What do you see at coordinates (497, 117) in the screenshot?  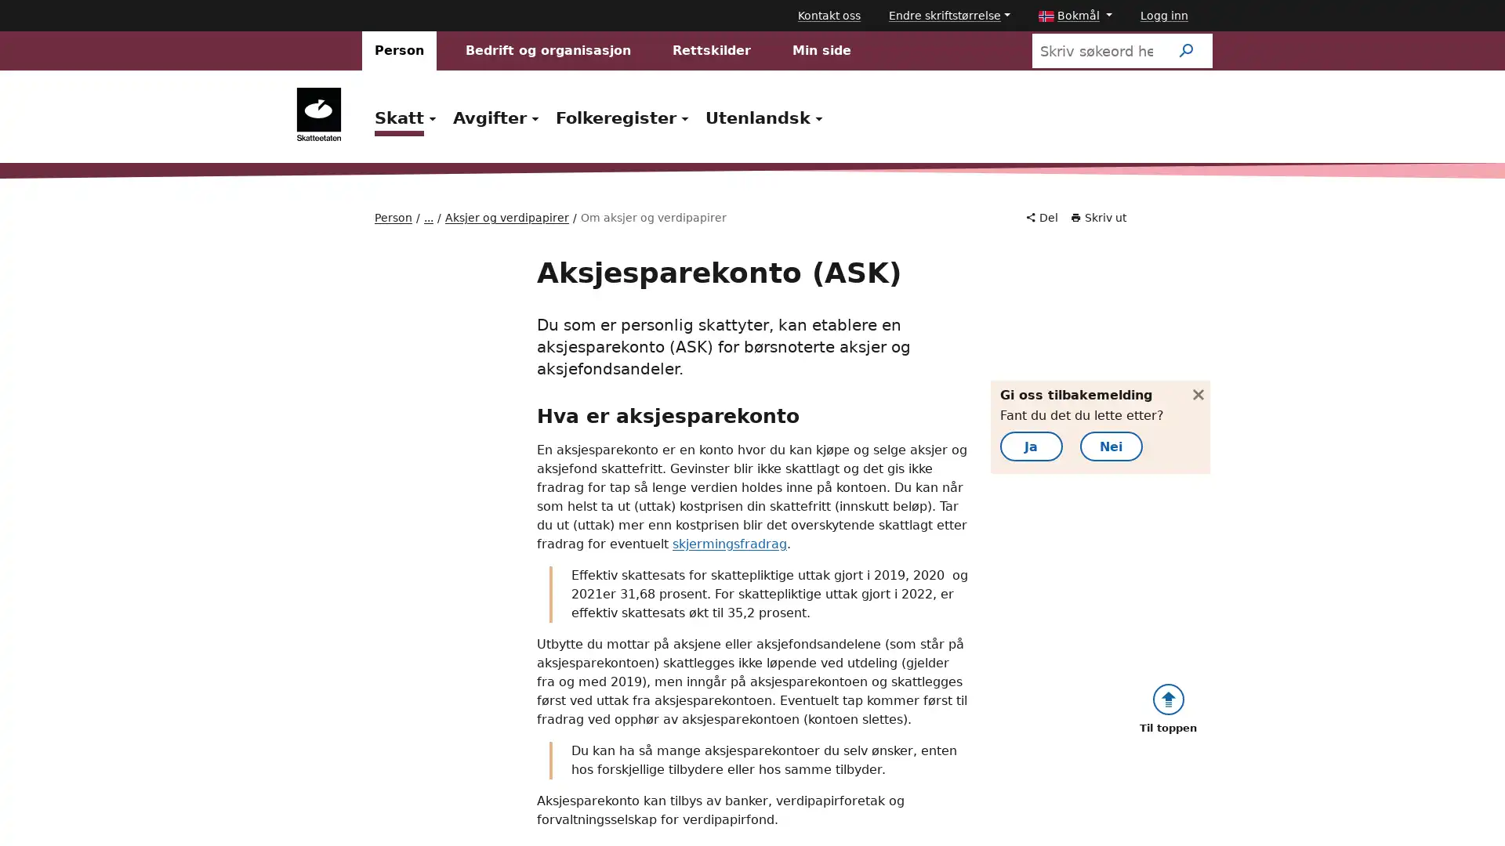 I see `Avgifter` at bounding box center [497, 117].